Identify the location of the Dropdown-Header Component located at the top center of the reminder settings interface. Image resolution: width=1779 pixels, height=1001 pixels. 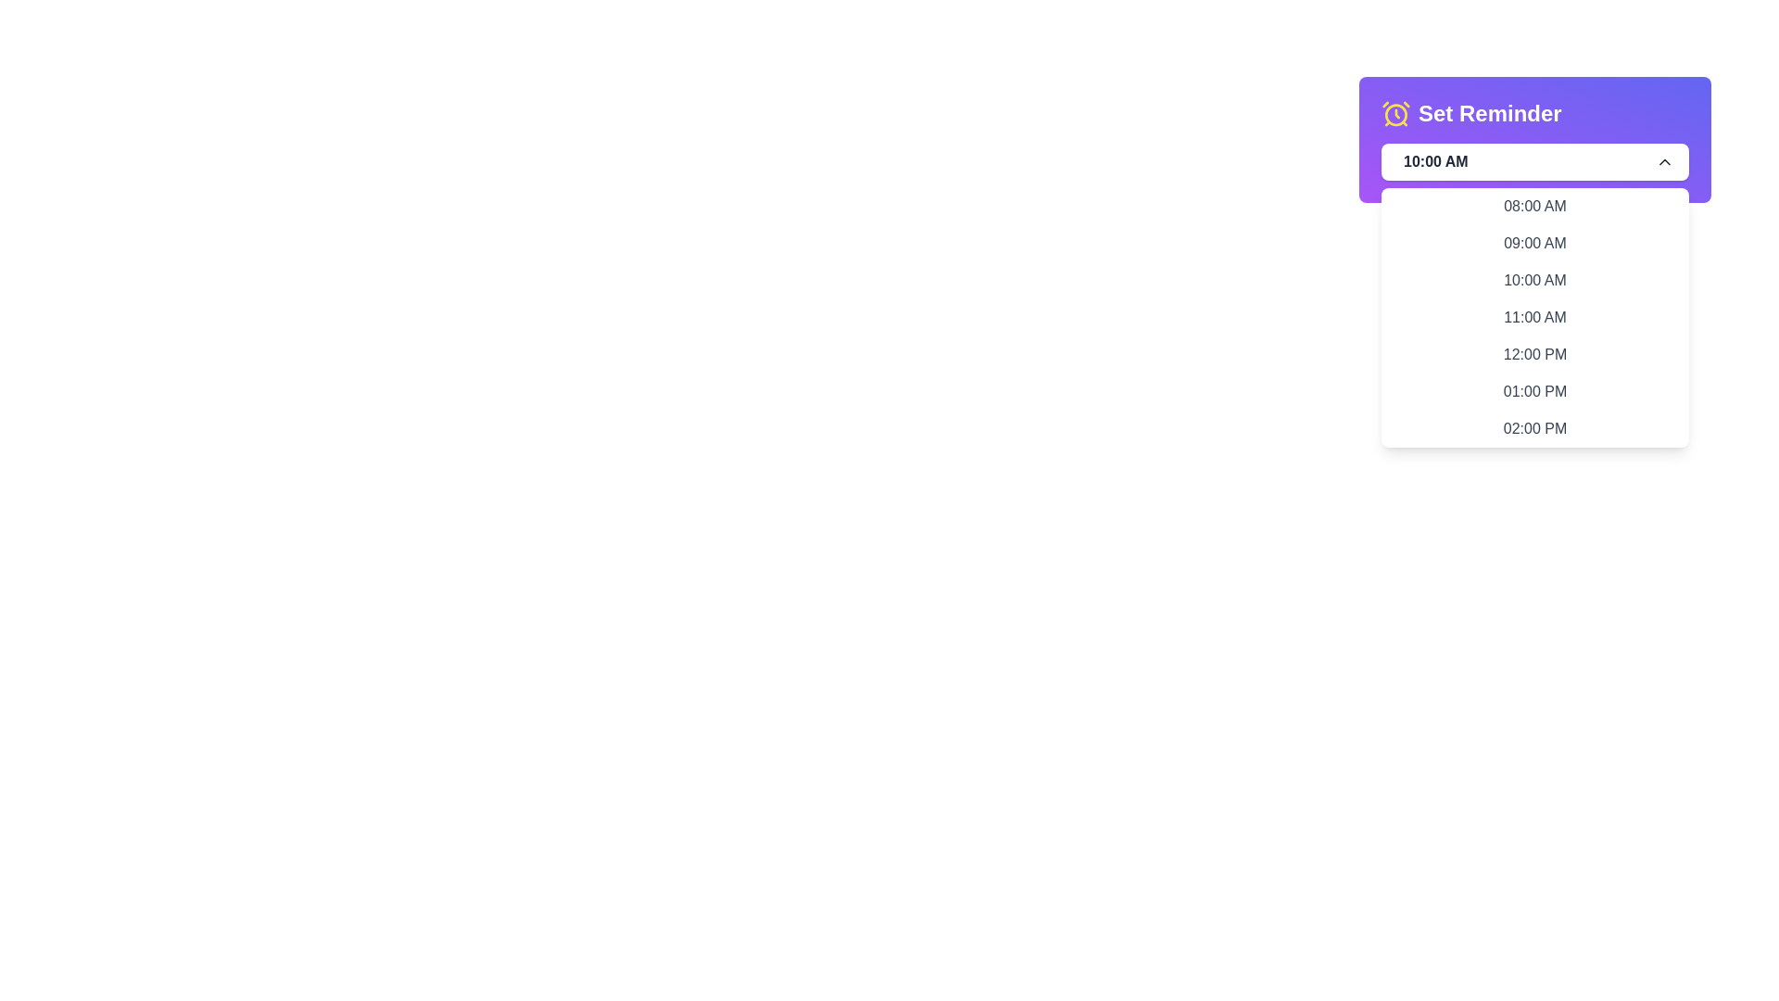
(1534, 138).